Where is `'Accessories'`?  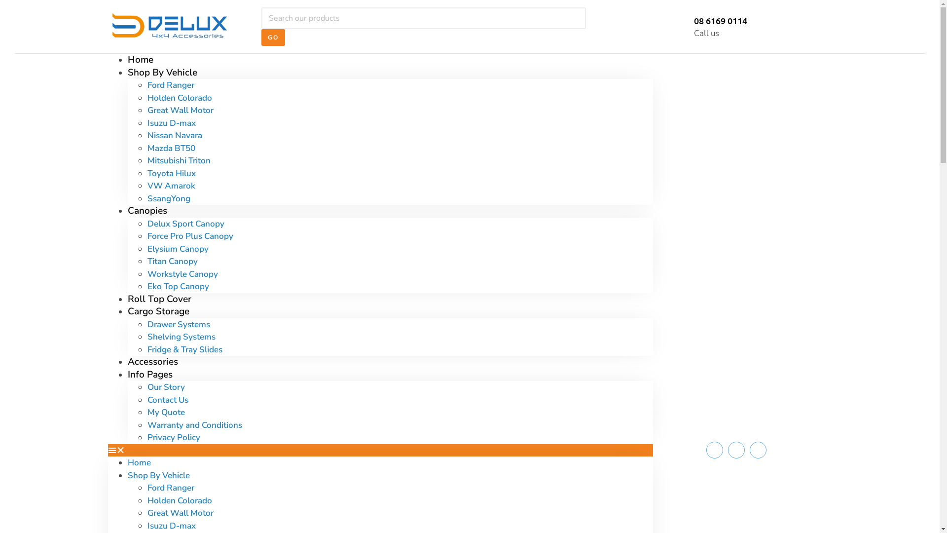 'Accessories' is located at coordinates (151, 361).